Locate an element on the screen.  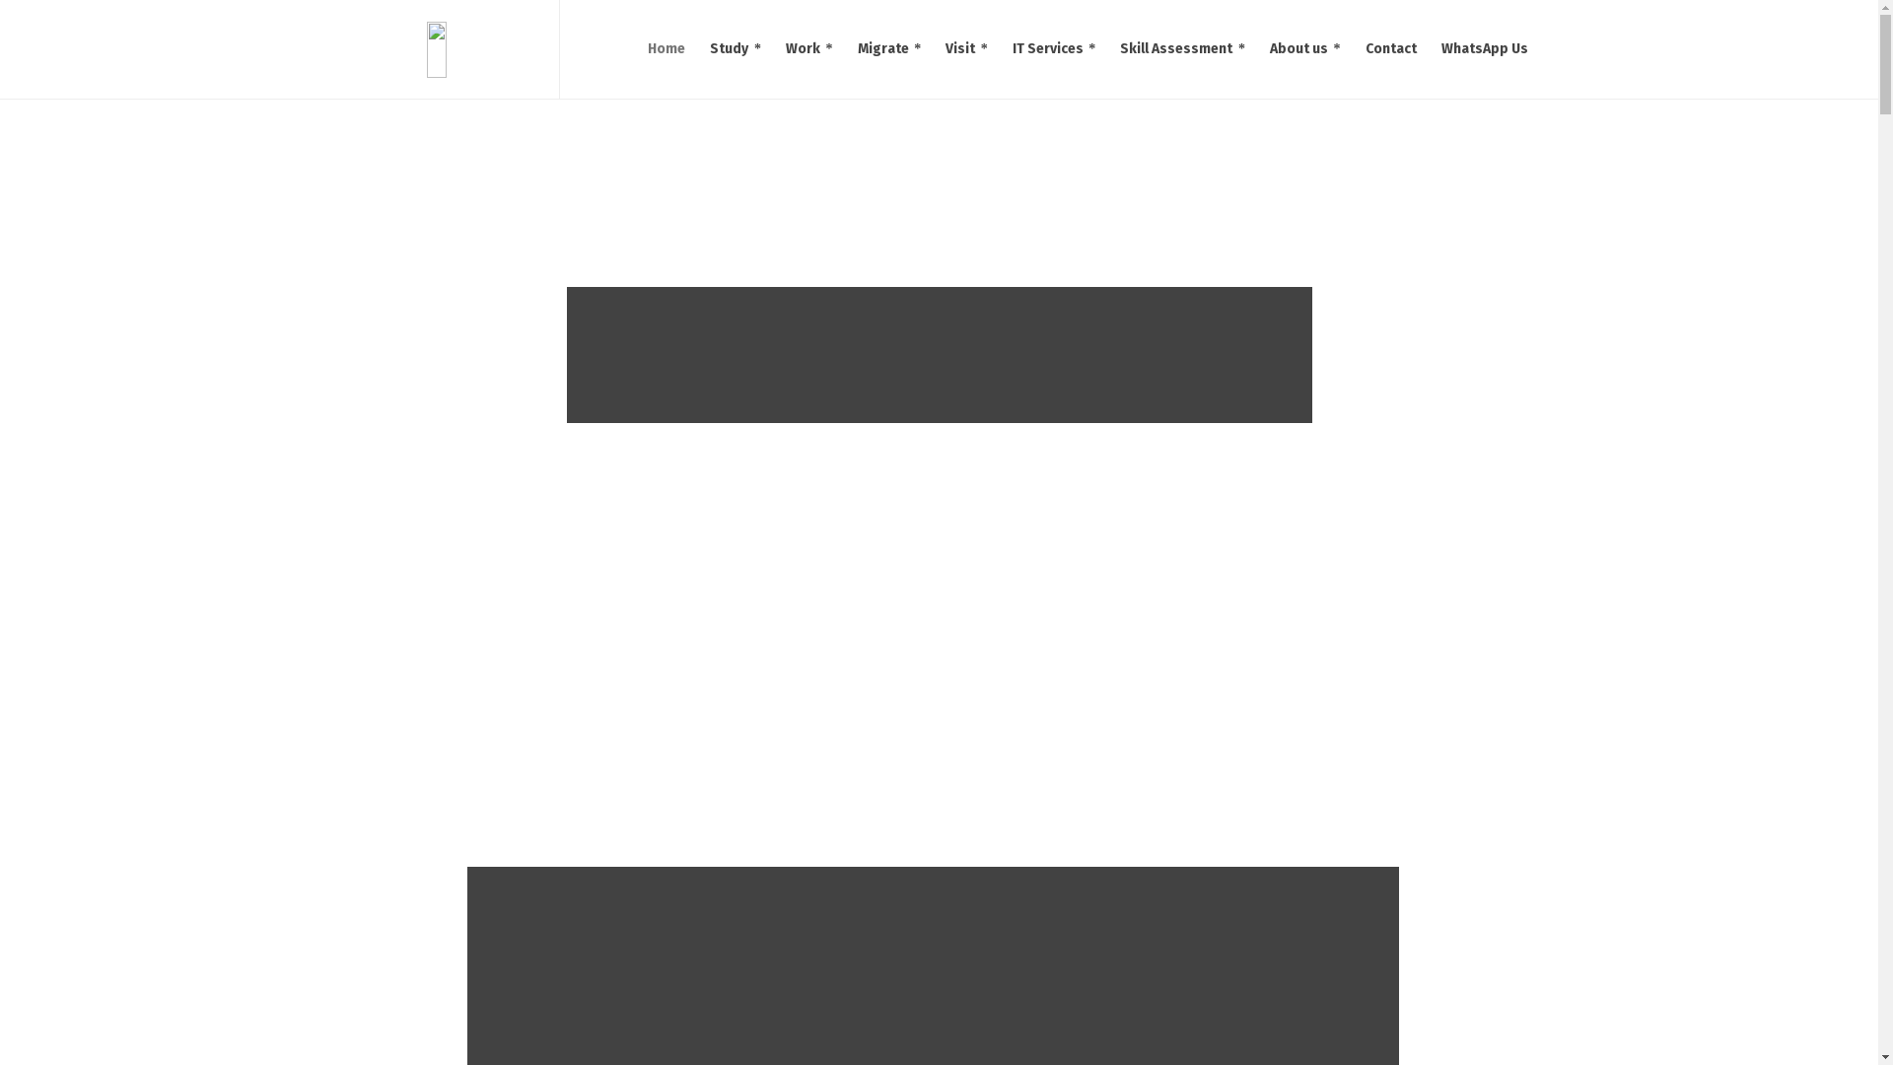
'Skill Assessment' is located at coordinates (1183, 48).